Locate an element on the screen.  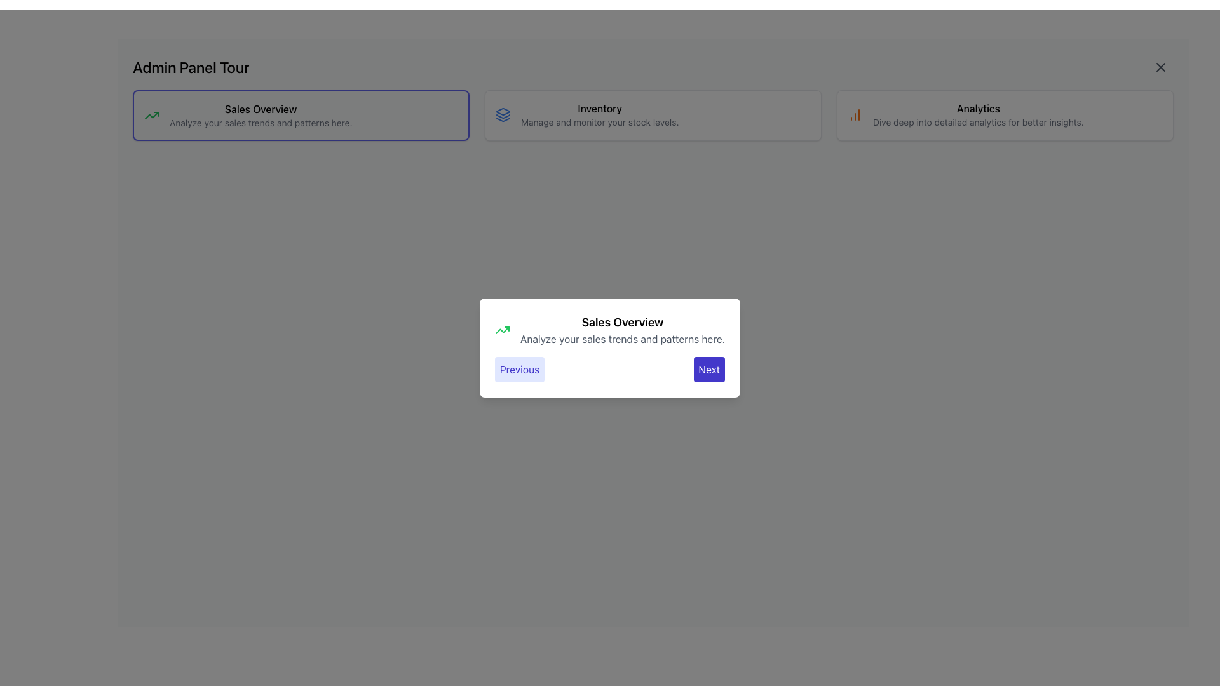
text block that provides an overview and description of a specific feature or section related to sales analysis, which is centrally located in the dialog box, next to a green upward trend icon is located at coordinates (622, 330).